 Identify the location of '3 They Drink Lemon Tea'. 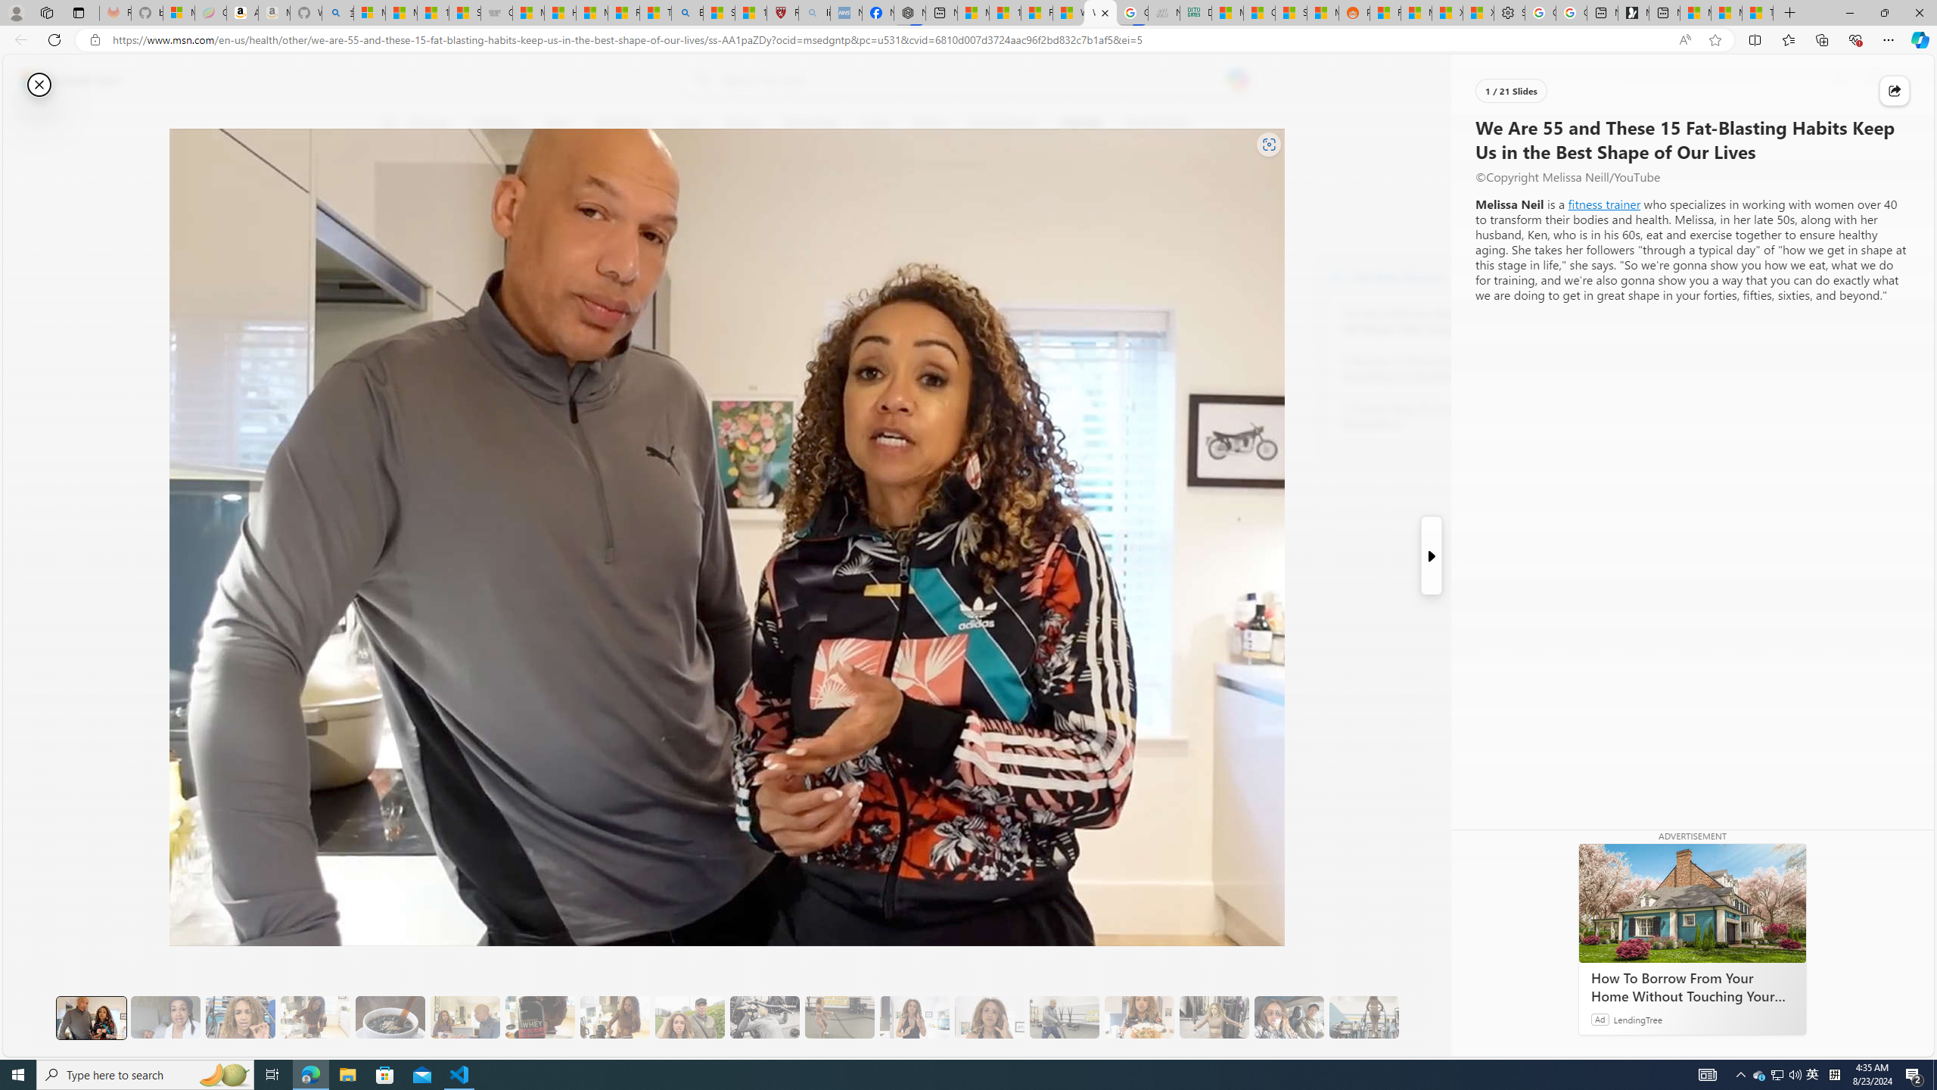
(315, 1017).